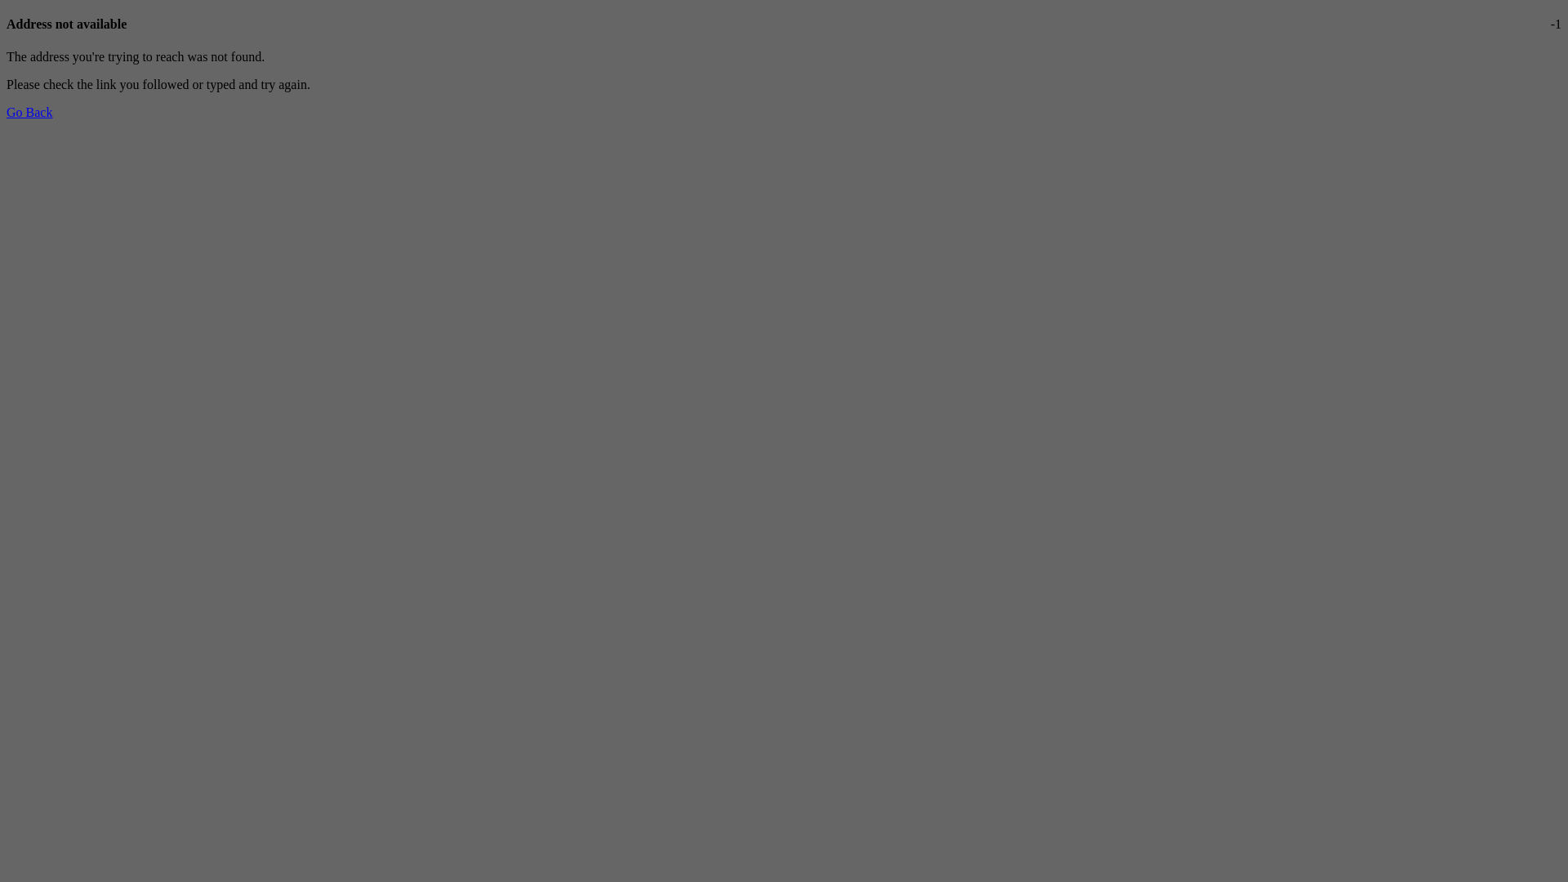 This screenshot has height=882, width=1568. Describe the element at coordinates (29, 111) in the screenshot. I see `'Go Back'` at that location.